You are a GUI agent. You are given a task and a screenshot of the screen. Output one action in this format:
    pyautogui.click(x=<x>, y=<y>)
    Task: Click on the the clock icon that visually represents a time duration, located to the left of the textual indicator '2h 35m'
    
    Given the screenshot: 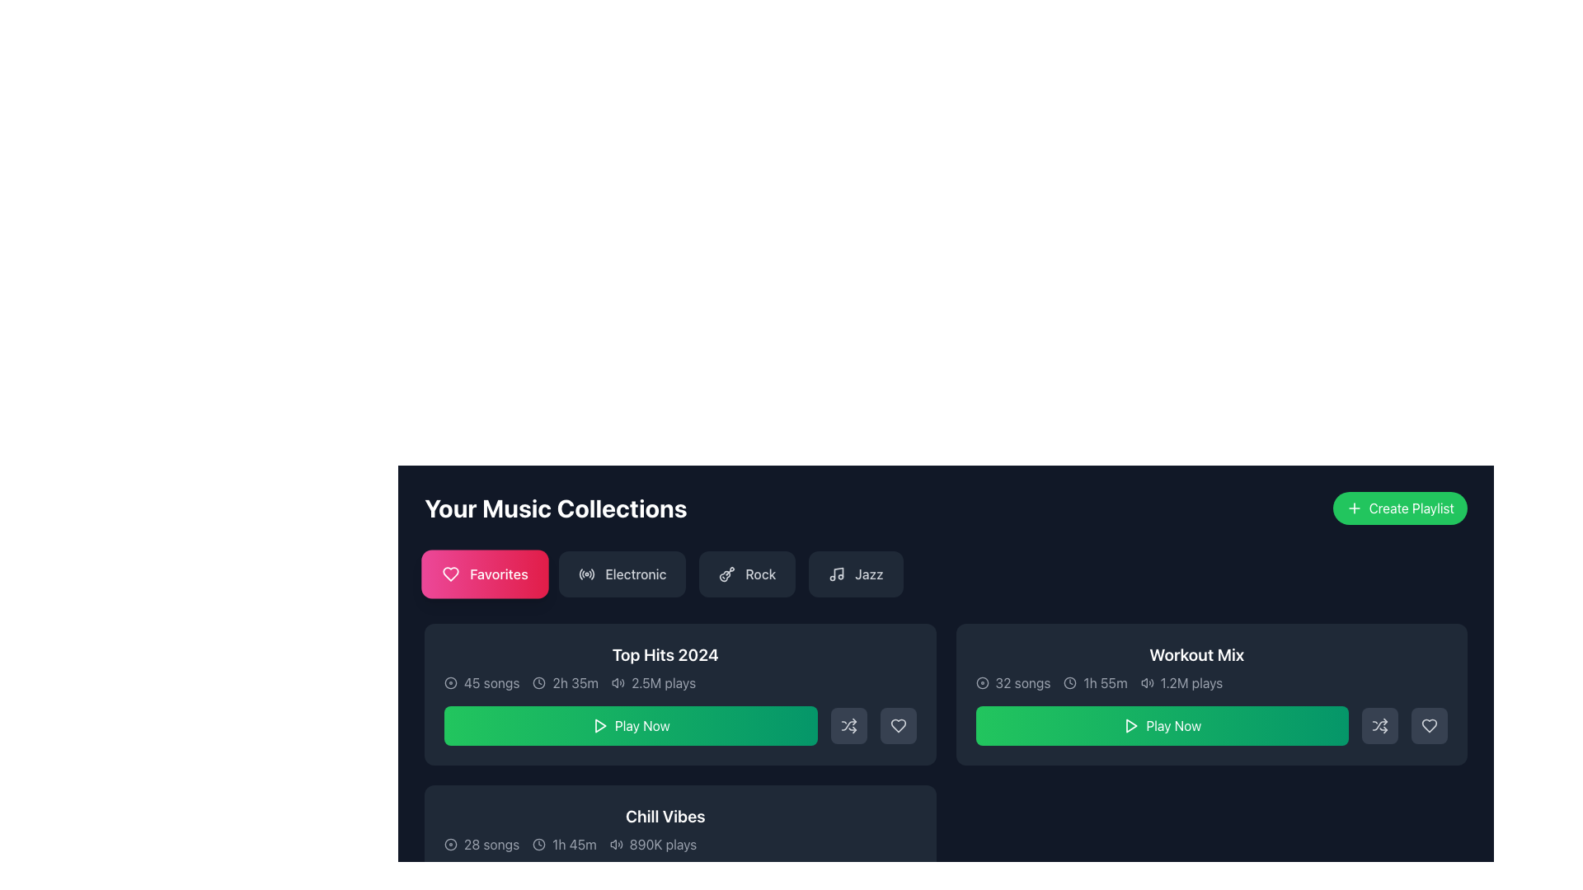 What is the action you would take?
    pyautogui.click(x=539, y=683)
    